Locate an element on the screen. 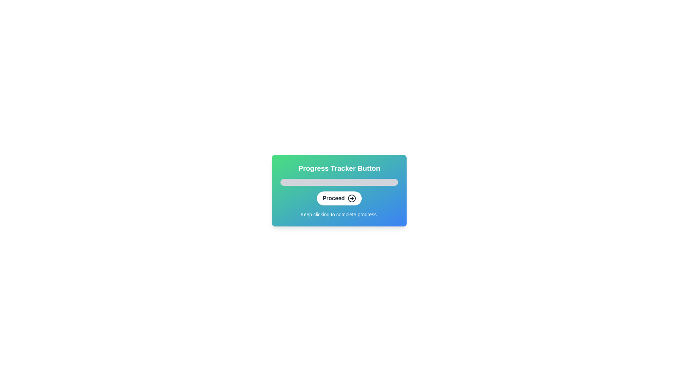  the visual aspect of the circular icon at the center of the arrow representation within the 'Proceed' button located at the lower middle portion of the card-like interface is located at coordinates (352, 198).